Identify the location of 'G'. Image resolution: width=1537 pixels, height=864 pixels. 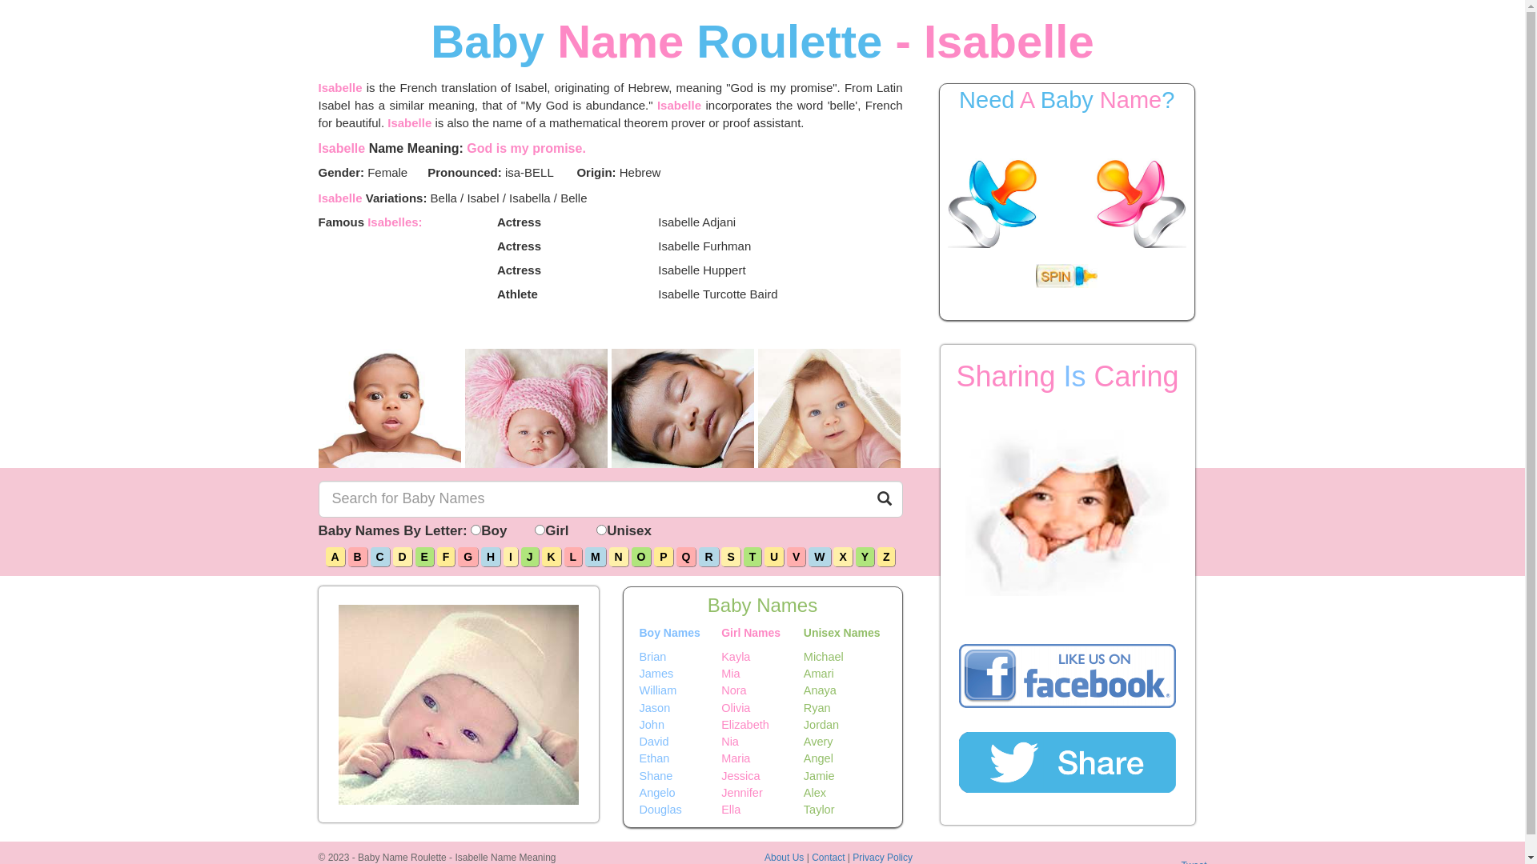
(467, 555).